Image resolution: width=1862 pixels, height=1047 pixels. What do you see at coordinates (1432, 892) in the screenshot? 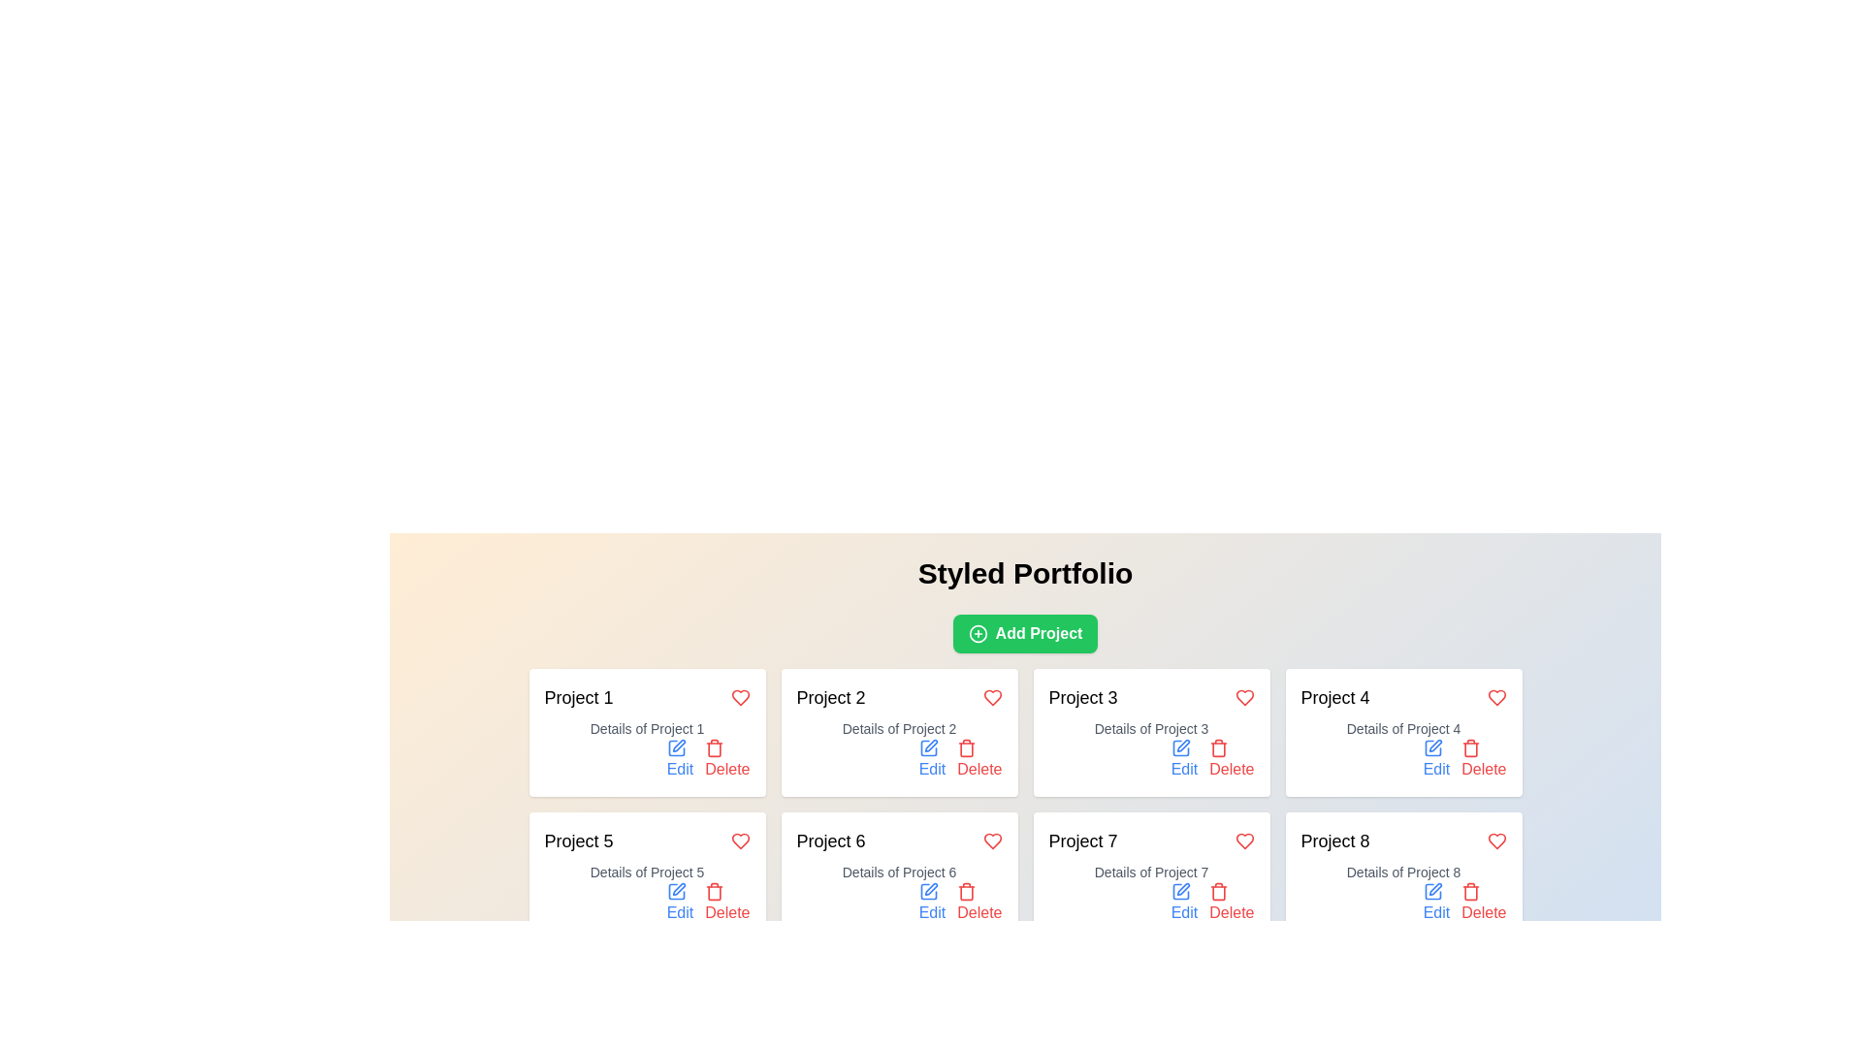
I see `the 'Edit' icon button located at the bottom-right corner of the last project card` at bounding box center [1432, 892].